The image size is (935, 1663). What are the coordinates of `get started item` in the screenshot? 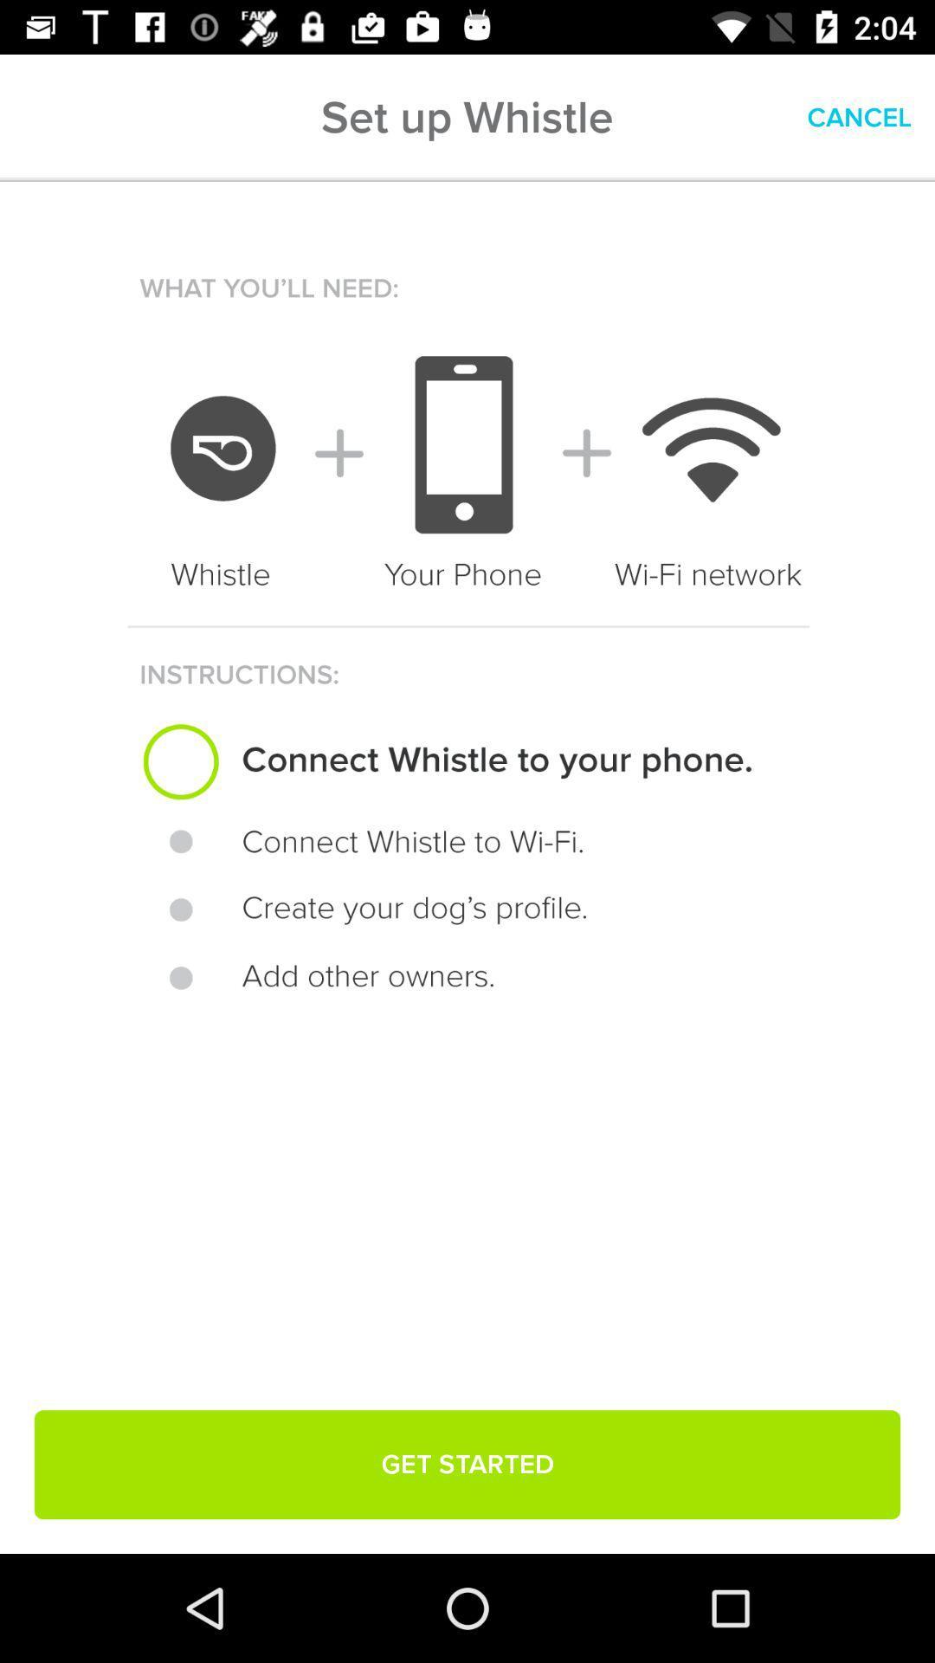 It's located at (467, 1464).